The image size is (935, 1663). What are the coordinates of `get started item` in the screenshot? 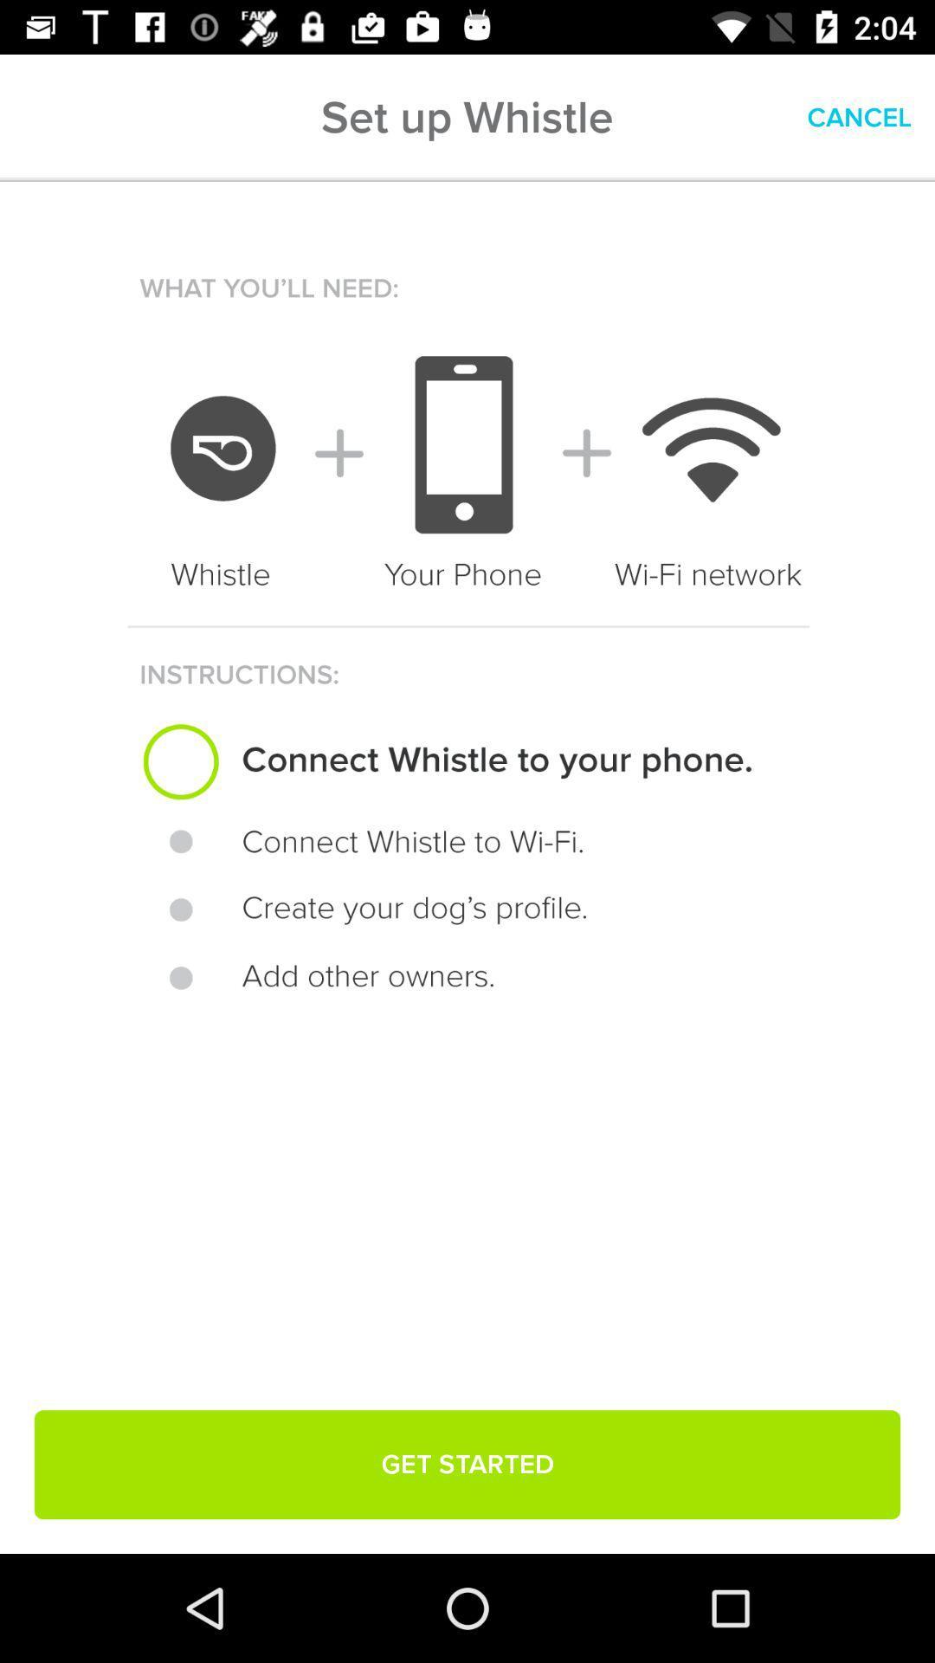 It's located at (467, 1464).